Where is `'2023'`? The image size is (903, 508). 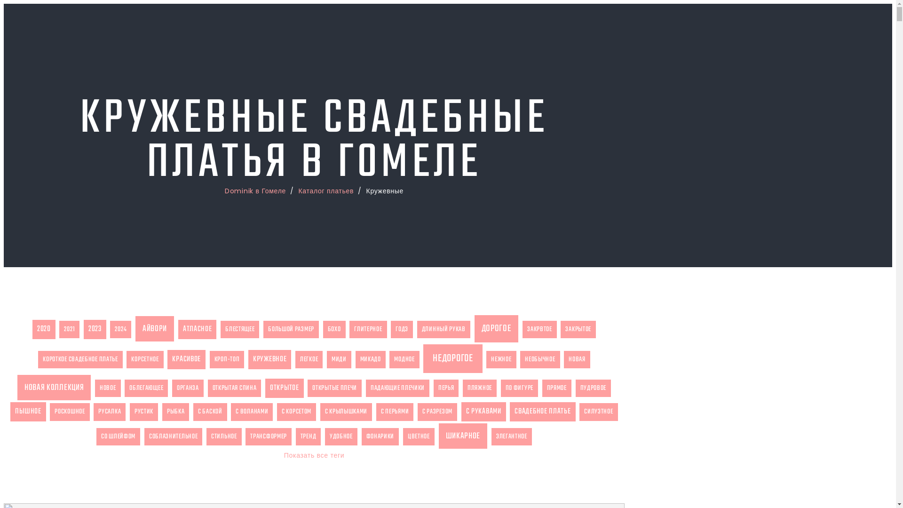
'2023' is located at coordinates (83, 329).